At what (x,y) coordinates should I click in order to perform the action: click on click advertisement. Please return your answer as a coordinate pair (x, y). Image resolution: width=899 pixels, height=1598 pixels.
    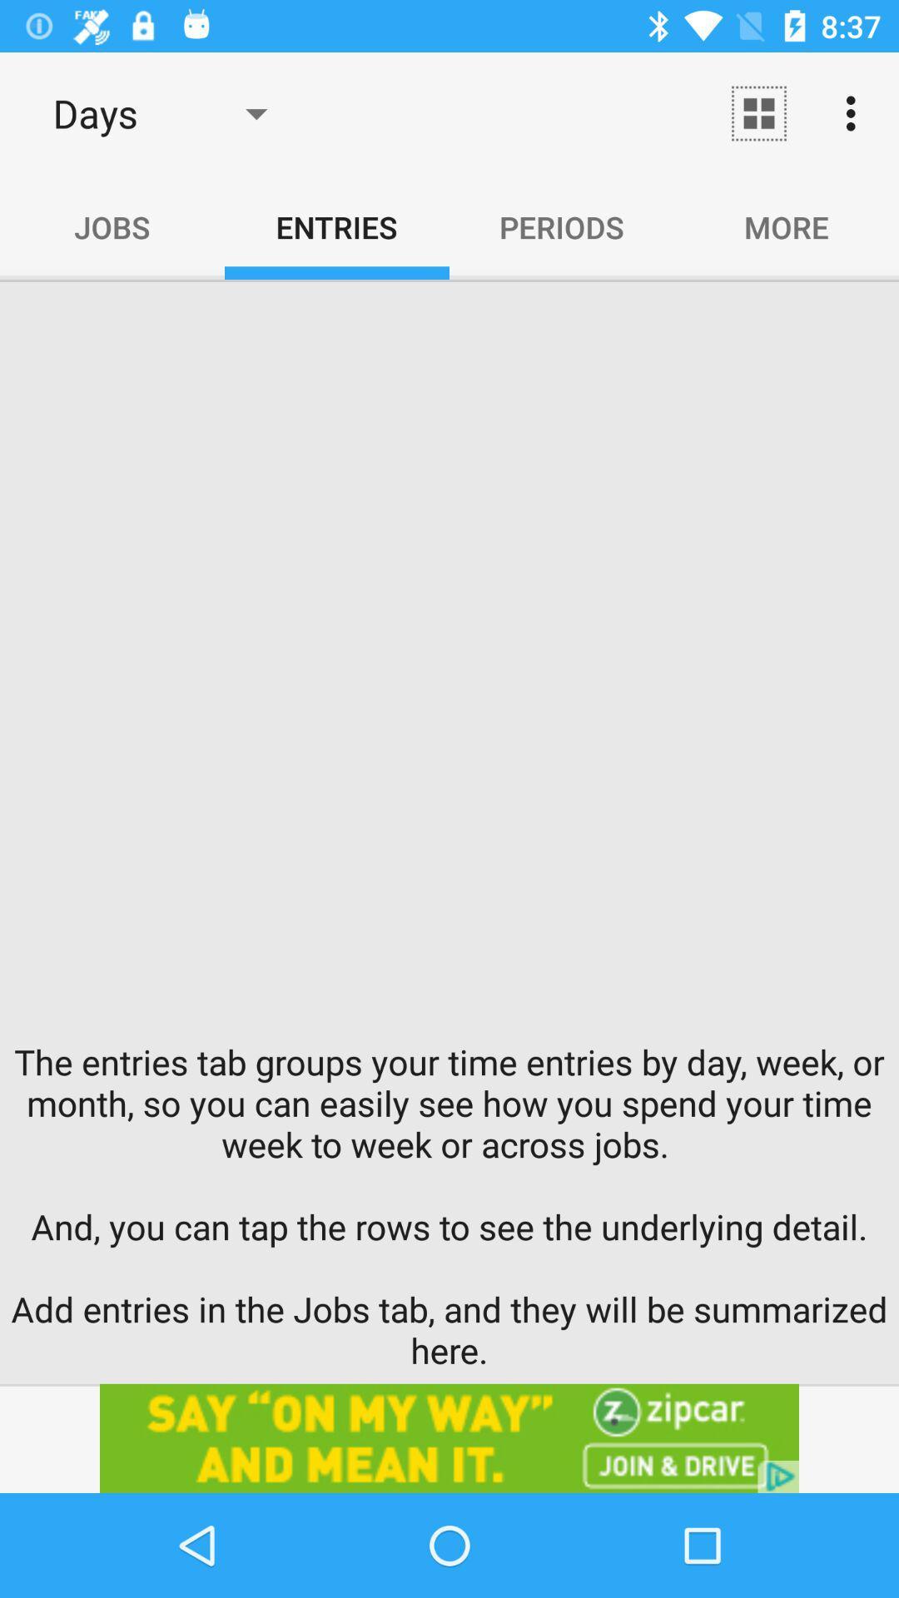
    Looking at the image, I should click on (449, 1437).